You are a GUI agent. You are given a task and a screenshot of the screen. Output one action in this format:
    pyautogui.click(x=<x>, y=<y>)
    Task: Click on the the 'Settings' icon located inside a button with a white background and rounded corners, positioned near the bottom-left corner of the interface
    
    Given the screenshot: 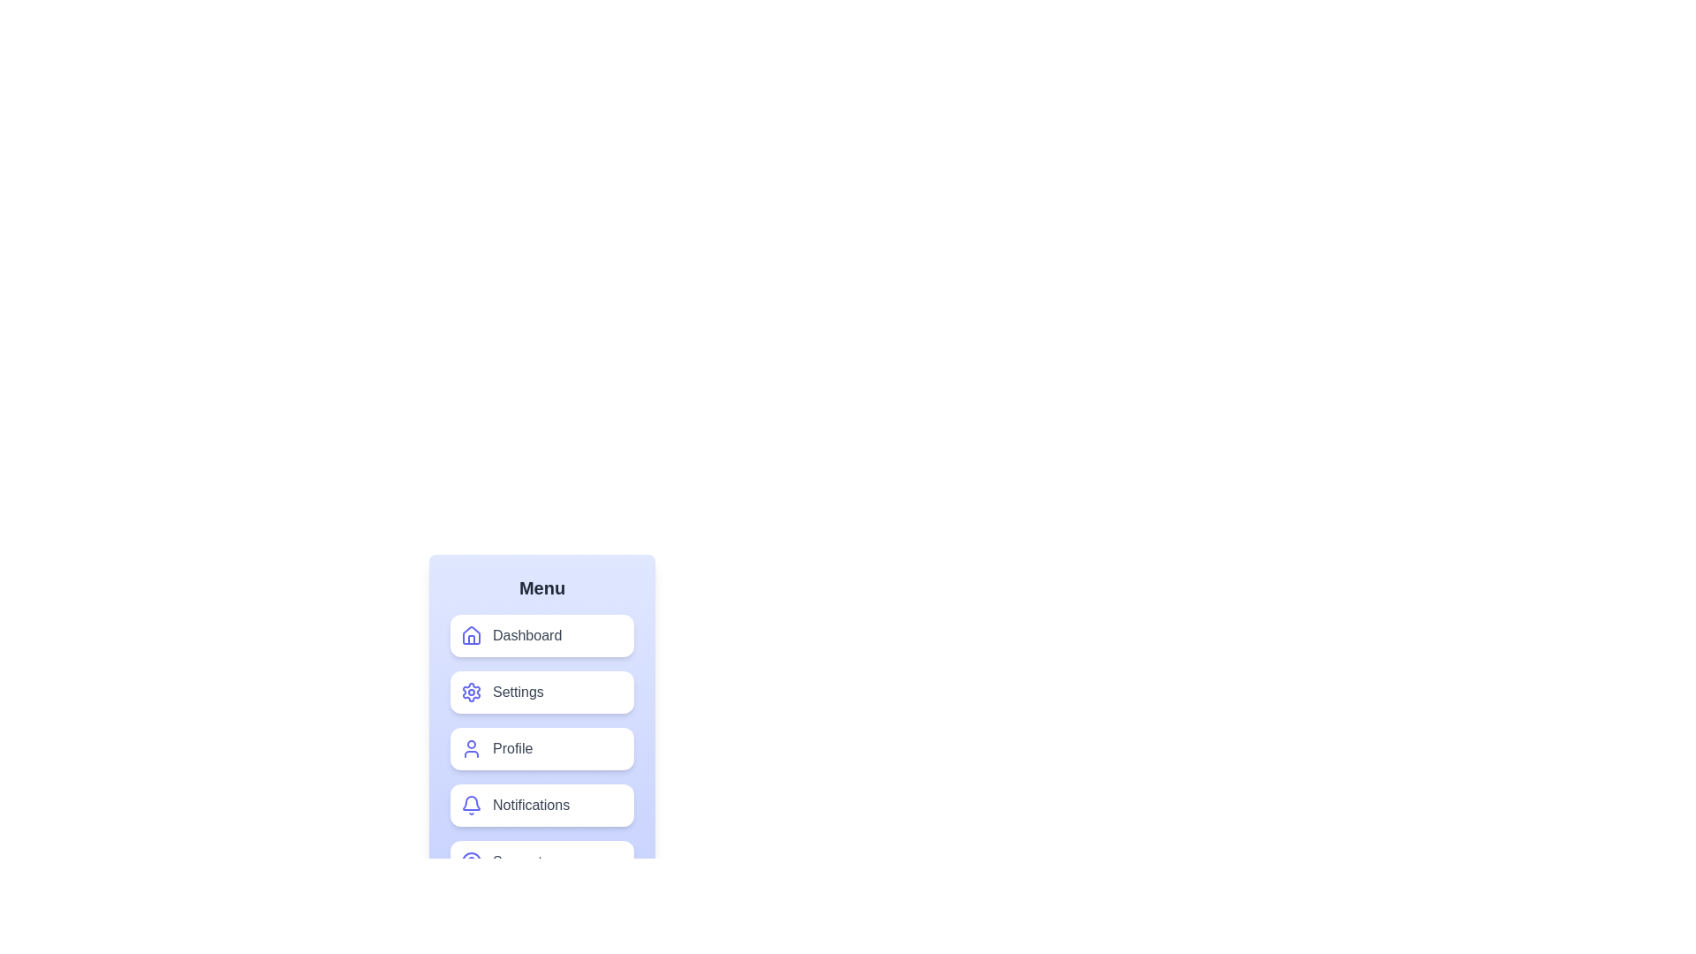 What is the action you would take?
    pyautogui.click(x=471, y=691)
    